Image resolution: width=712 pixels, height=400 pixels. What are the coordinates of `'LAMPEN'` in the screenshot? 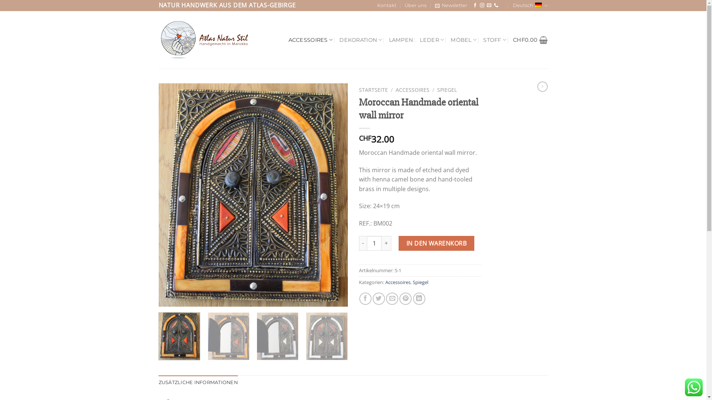 It's located at (400, 40).